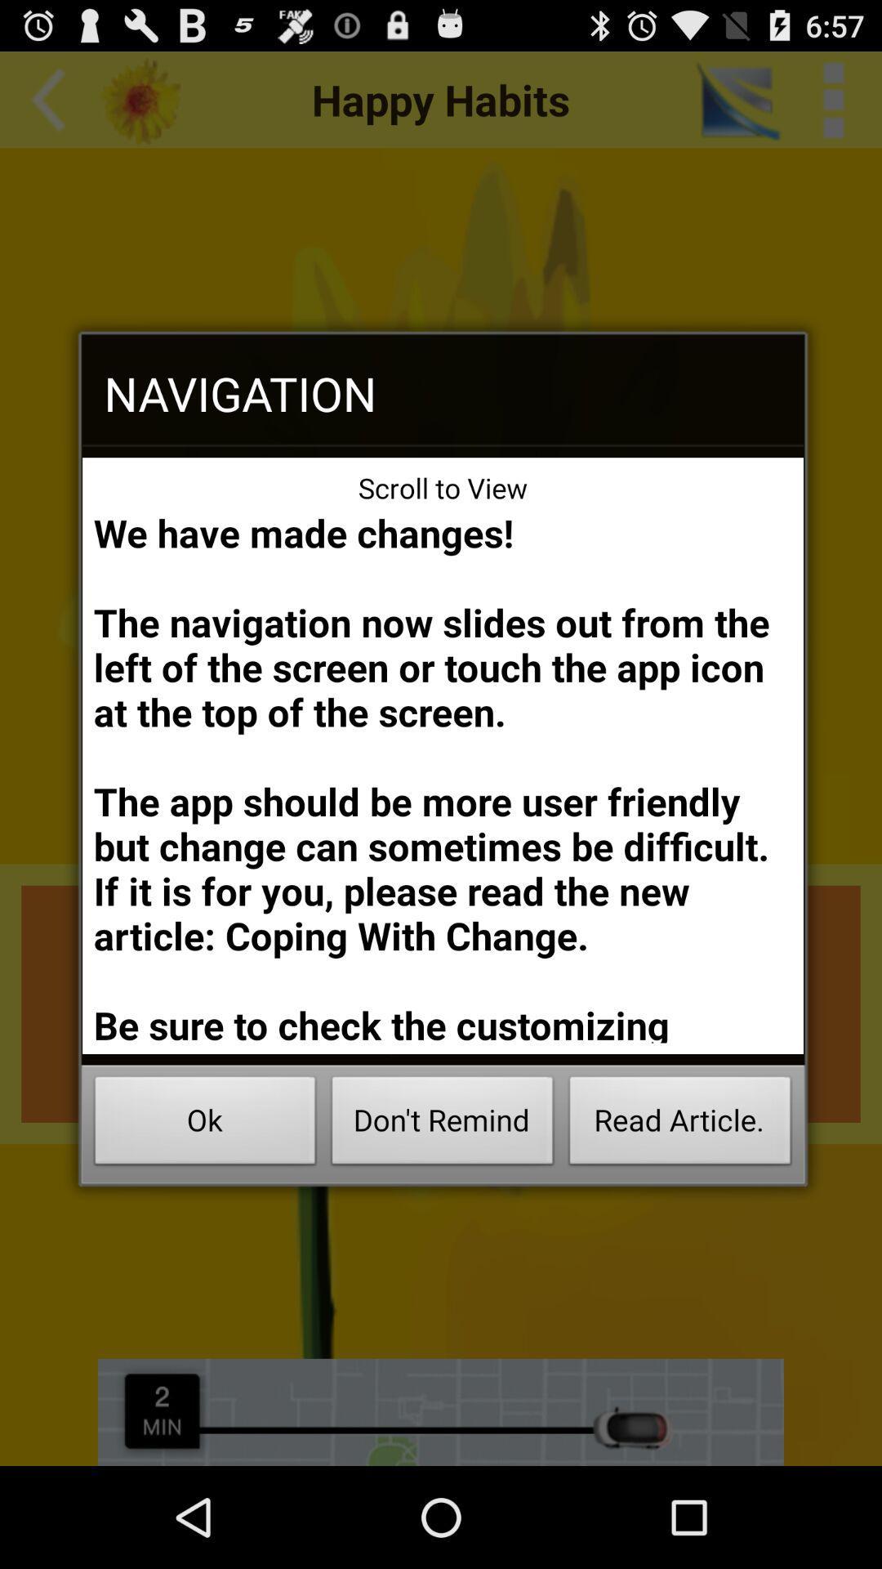 This screenshot has width=882, height=1569. I want to click on the button to the left of the don't remind icon, so click(204, 1124).